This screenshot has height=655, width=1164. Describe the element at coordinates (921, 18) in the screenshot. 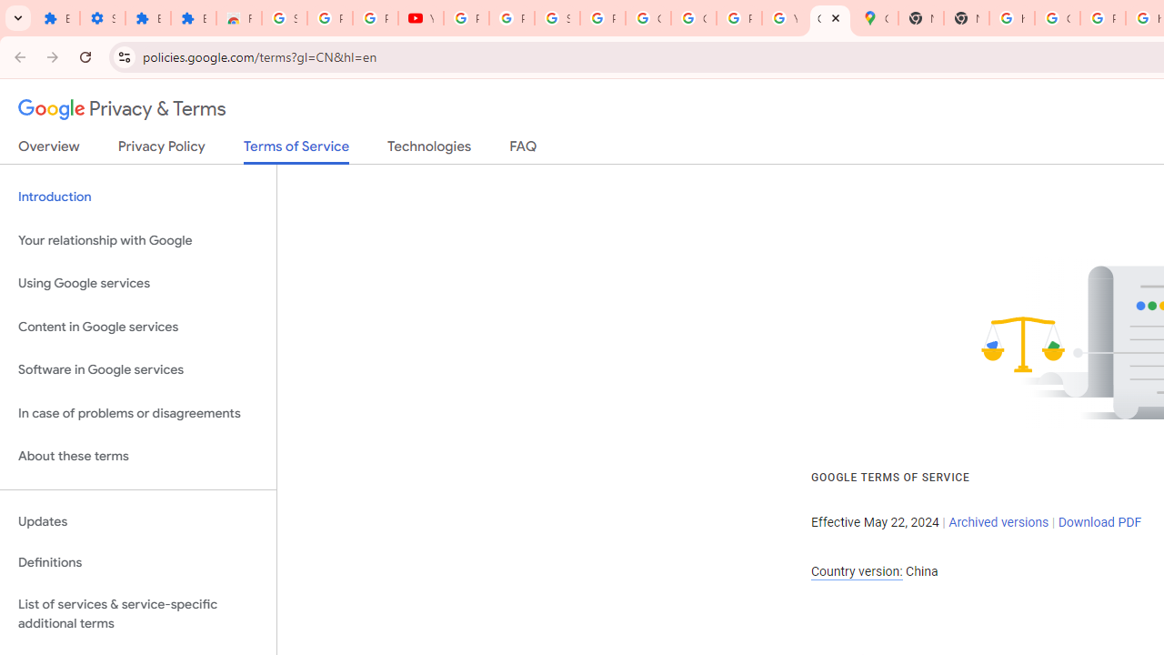

I see `'New Tab'` at that location.